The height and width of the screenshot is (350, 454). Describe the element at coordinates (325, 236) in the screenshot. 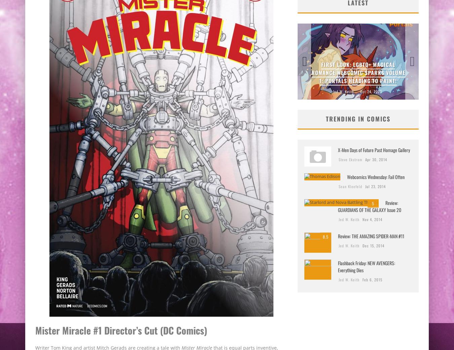

I see `'8.5'` at that location.